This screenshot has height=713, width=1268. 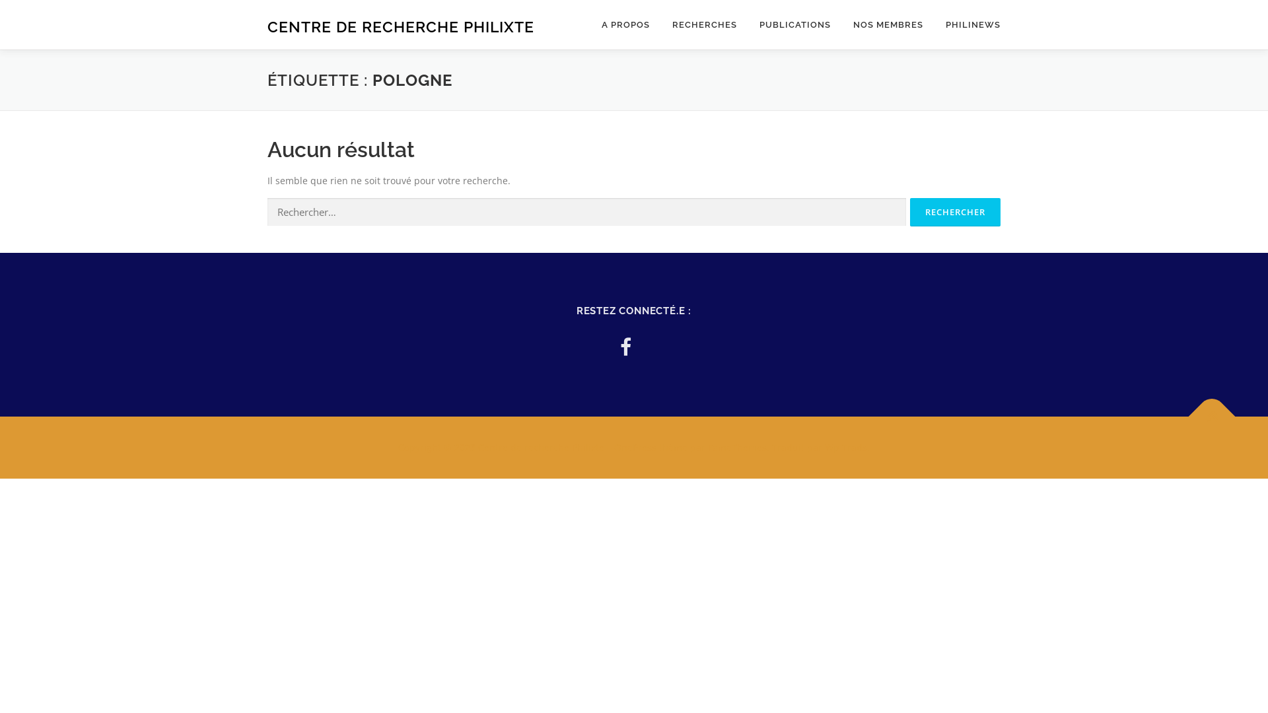 I want to click on 'NOS MEMBRES', so click(x=888, y=24).